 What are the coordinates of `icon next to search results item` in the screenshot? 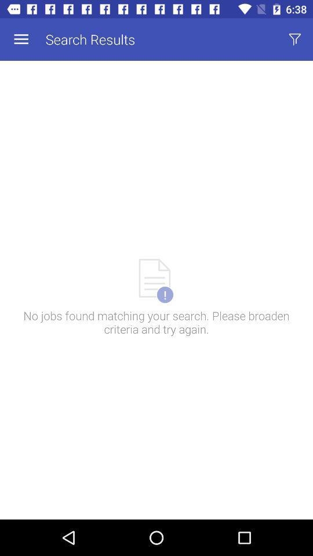 It's located at (294, 39).